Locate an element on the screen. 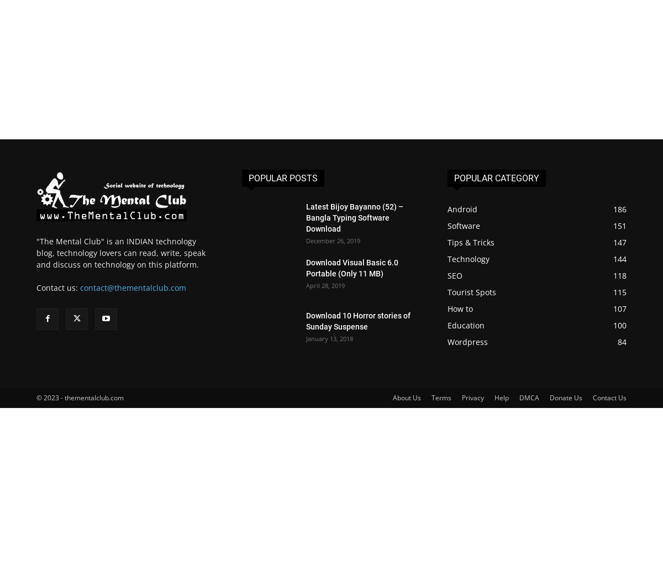 This screenshot has height=570, width=663. 'contact@thementalclub.com' is located at coordinates (132, 286).